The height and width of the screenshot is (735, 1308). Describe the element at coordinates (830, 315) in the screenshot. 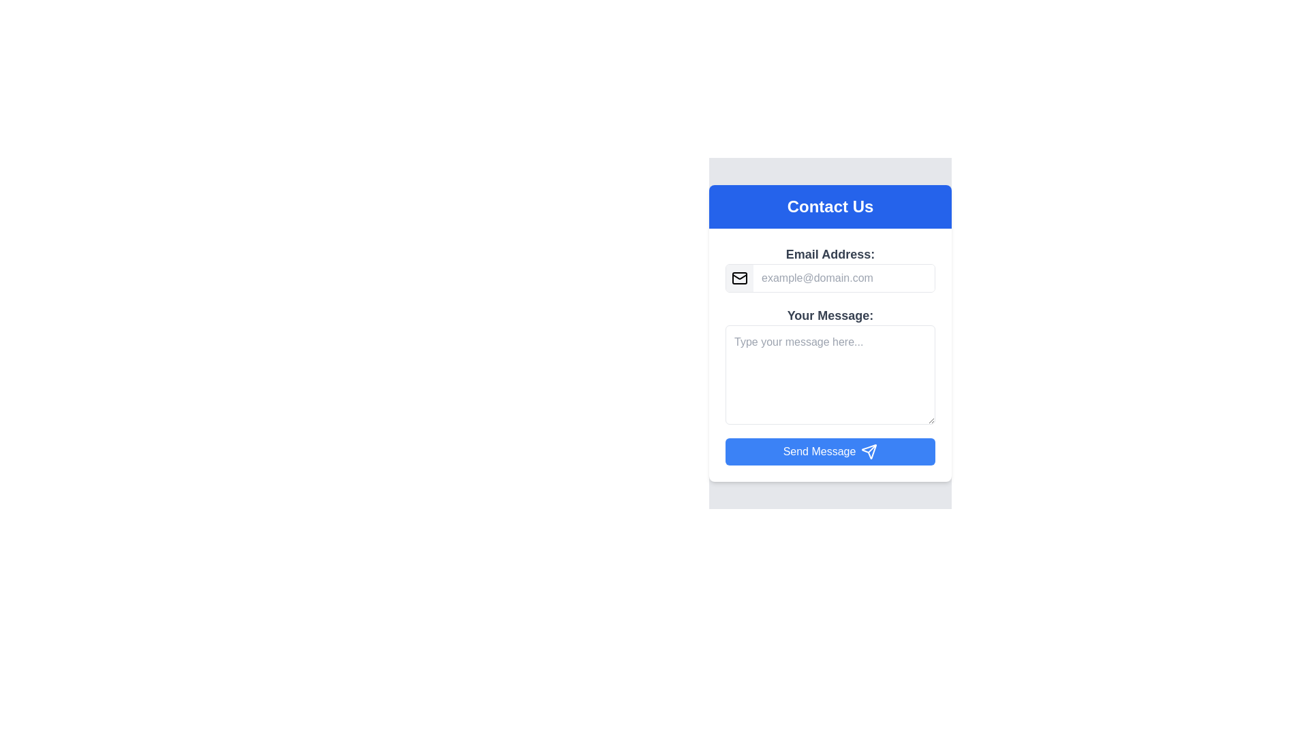

I see `label that displays the text 'Your Message:' in a bold and slightly enlarged font located below the 'Email Address:' section in the form` at that location.